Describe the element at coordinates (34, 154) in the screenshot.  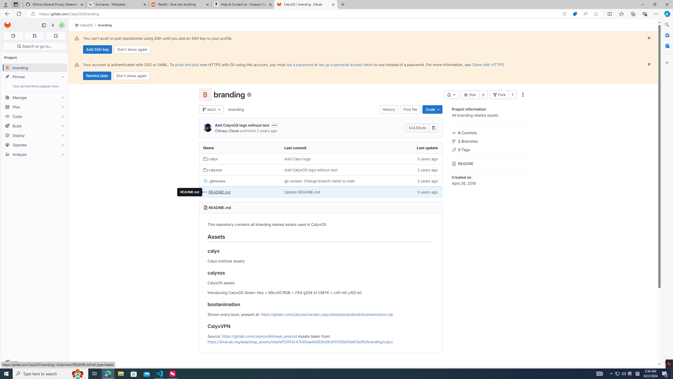
I see `'Analyze'` at that location.